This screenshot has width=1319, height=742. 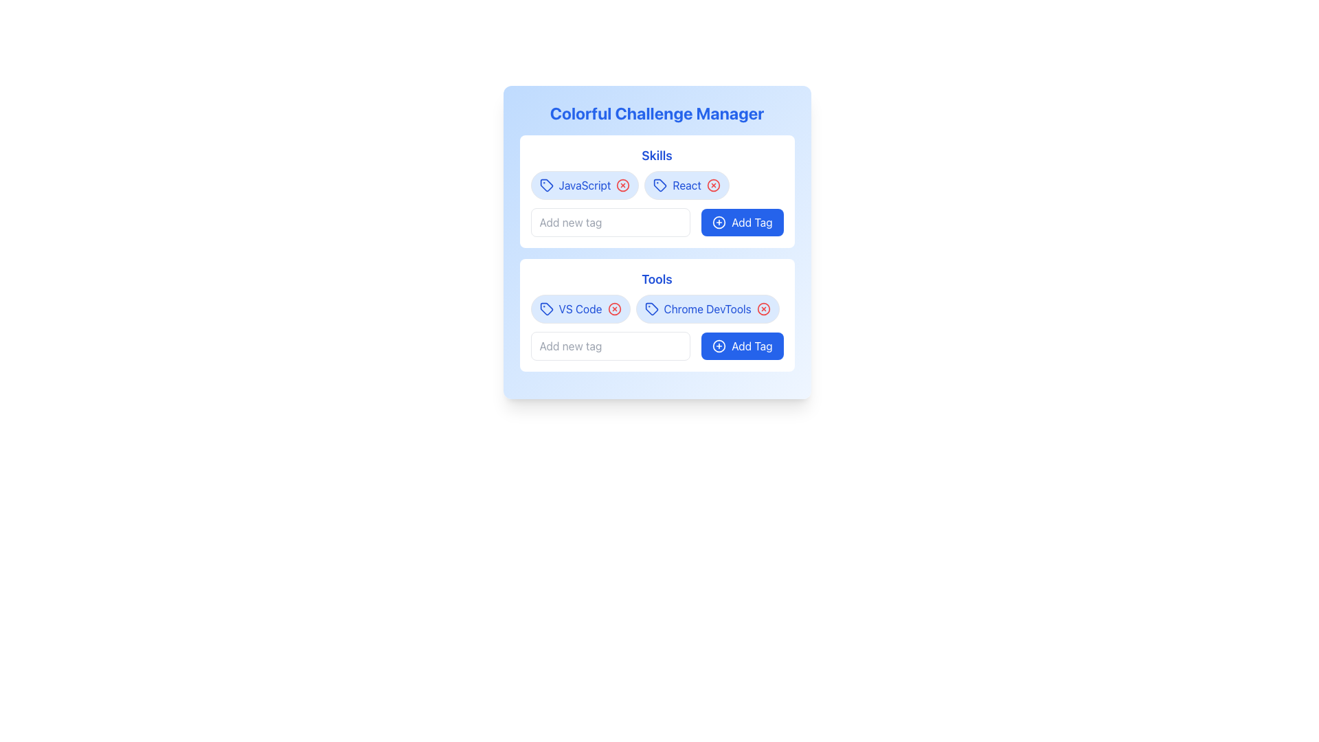 I want to click on the 'Skills' text label, which is styled in bold blue font and is located at the top of its section with a white background, so click(x=656, y=155).